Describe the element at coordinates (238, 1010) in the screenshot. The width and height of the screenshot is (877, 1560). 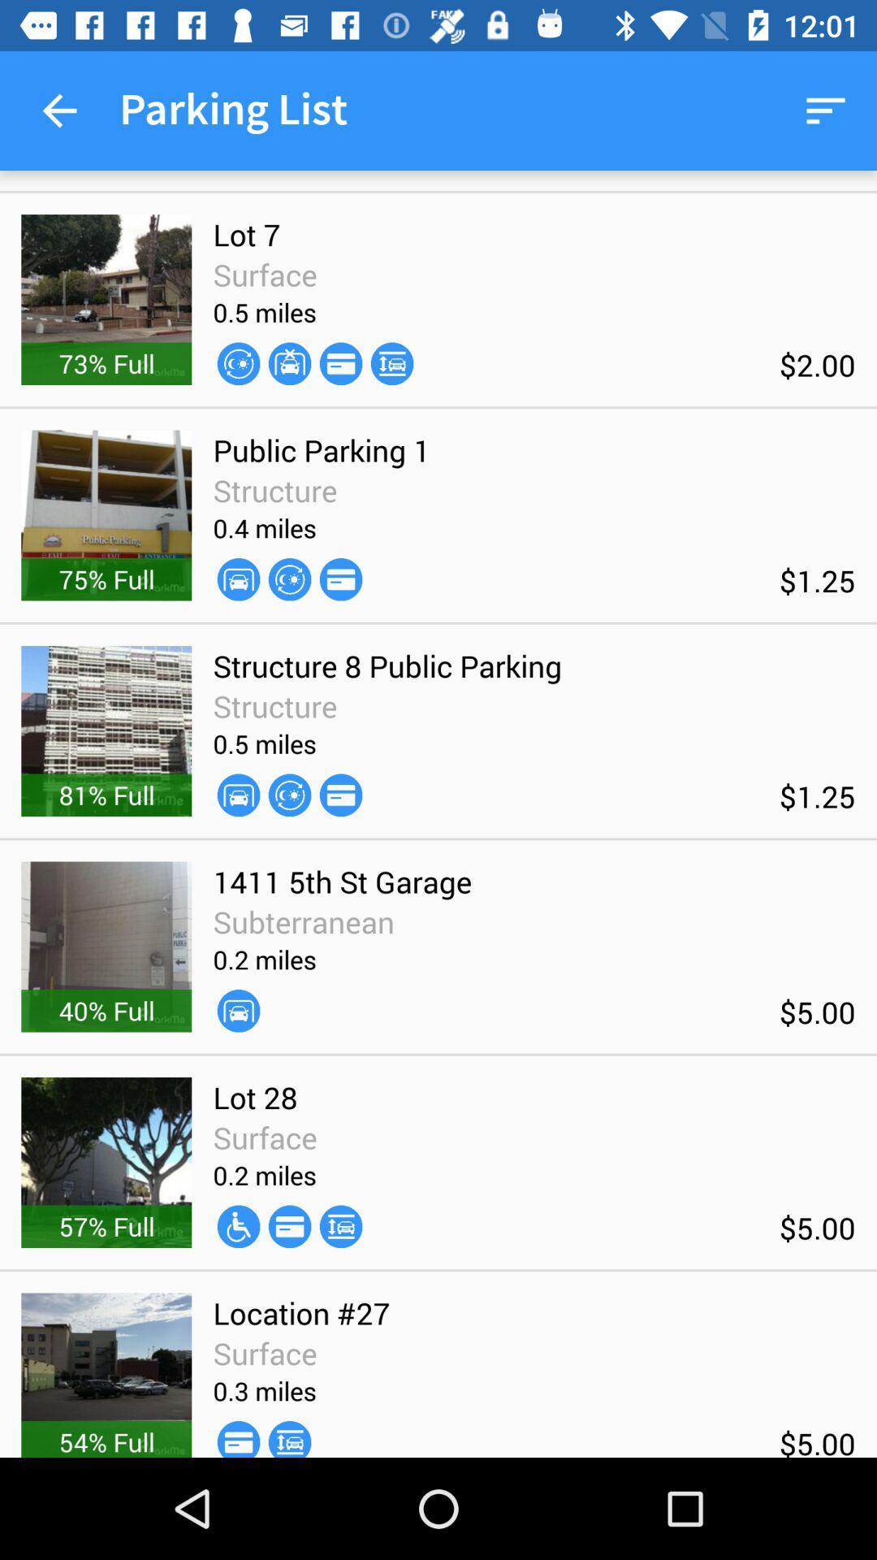
I see `the icon next to the $5.00 icon` at that location.